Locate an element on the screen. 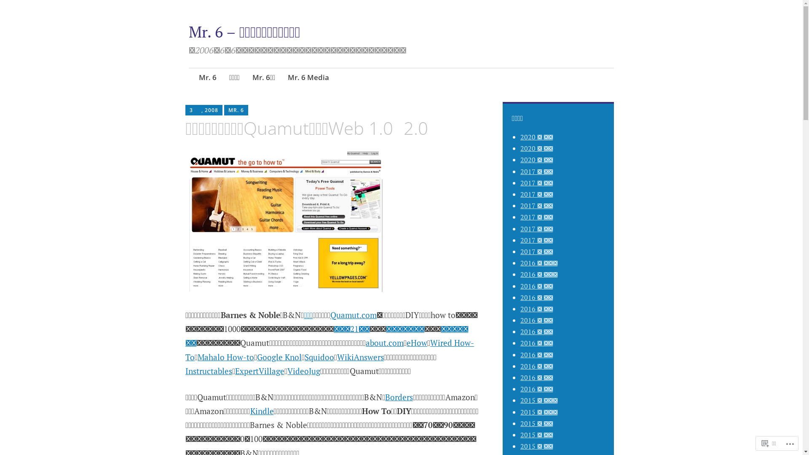  'WikiAnswers' is located at coordinates (360, 357).